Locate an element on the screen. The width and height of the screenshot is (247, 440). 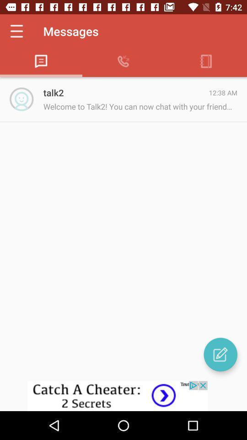
open advertisement is located at coordinates (123, 396).